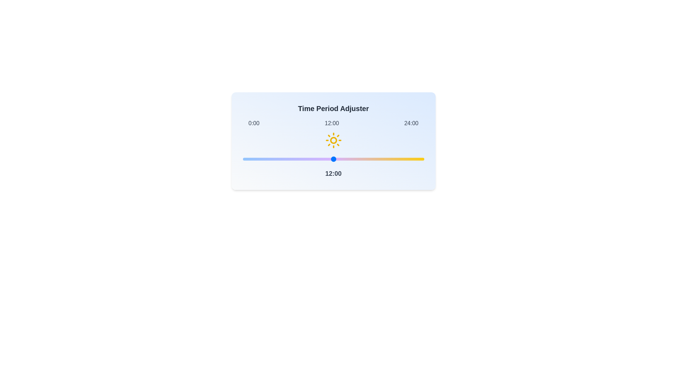 Image resolution: width=680 pixels, height=382 pixels. What do you see at coordinates (303, 159) in the screenshot?
I see `the time slider to set the time to 8 hours` at bounding box center [303, 159].